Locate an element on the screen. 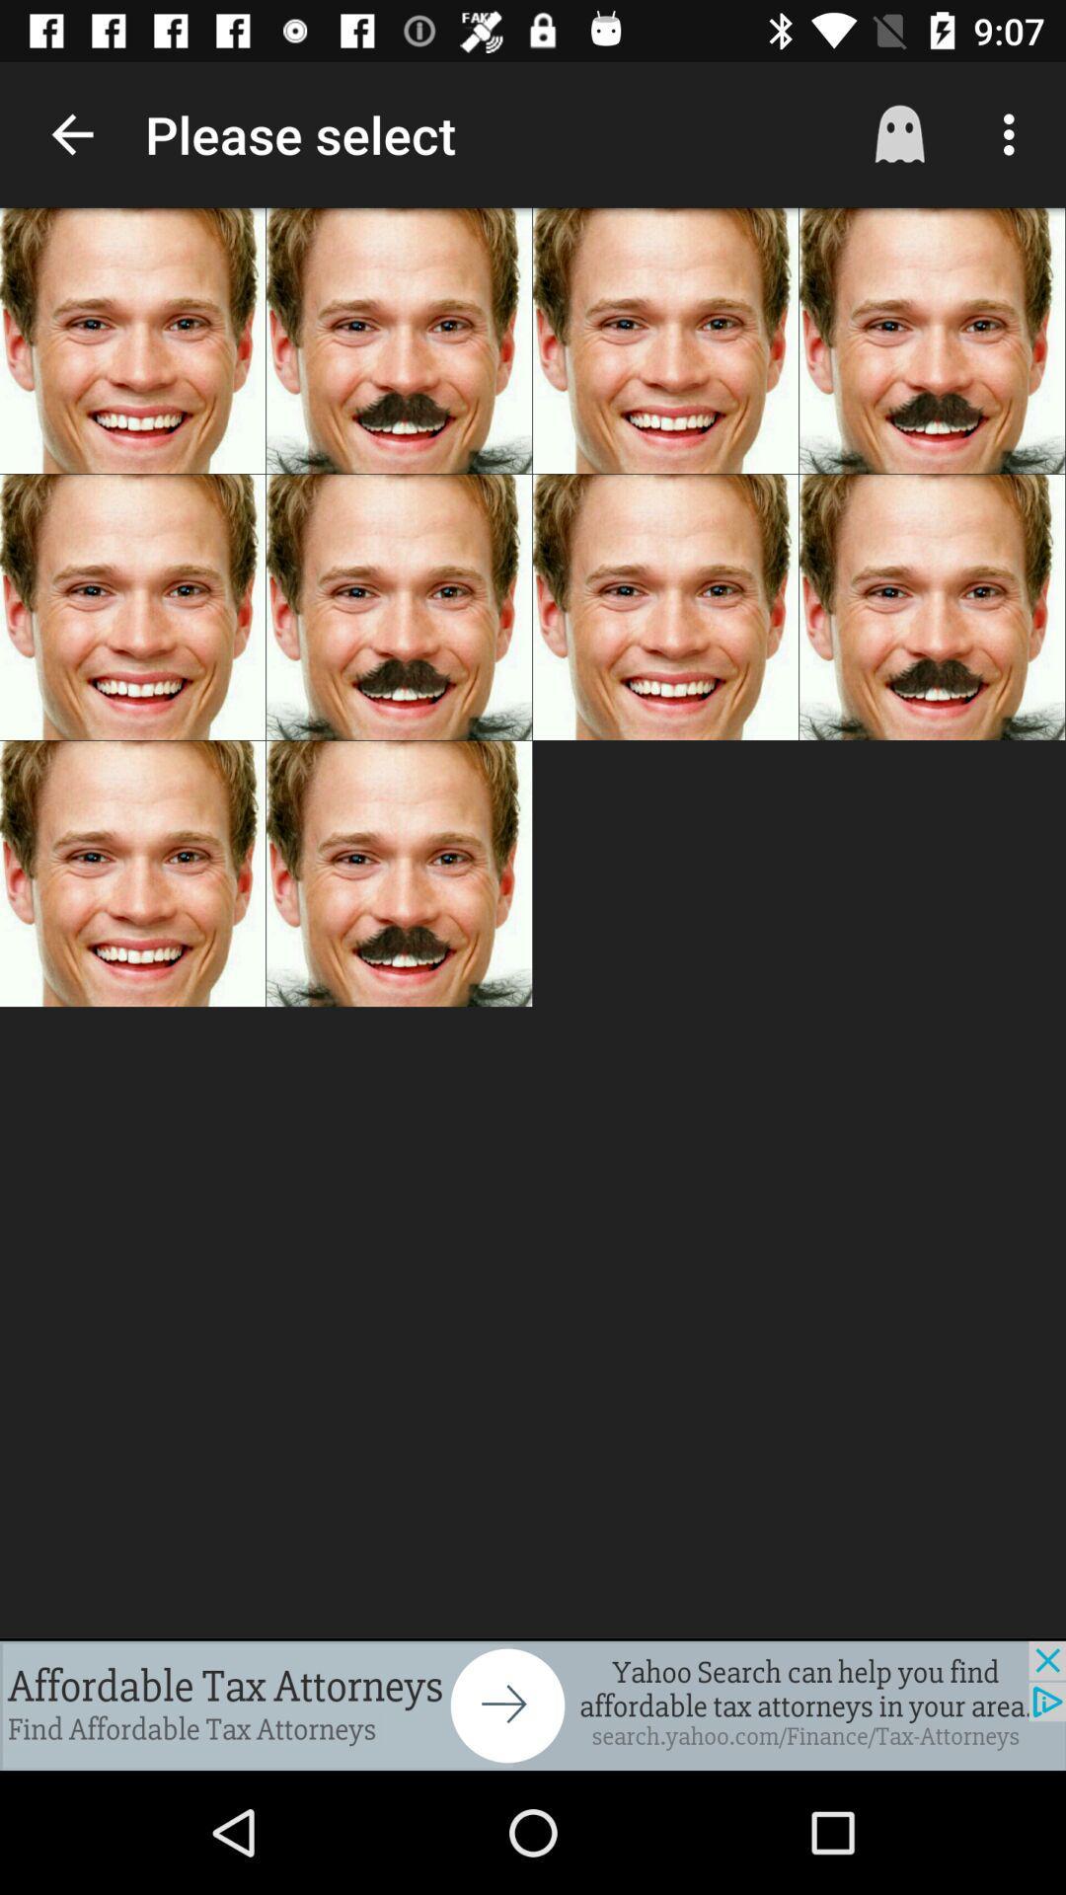 The image size is (1066, 1895). menu button is located at coordinates (1014, 134).